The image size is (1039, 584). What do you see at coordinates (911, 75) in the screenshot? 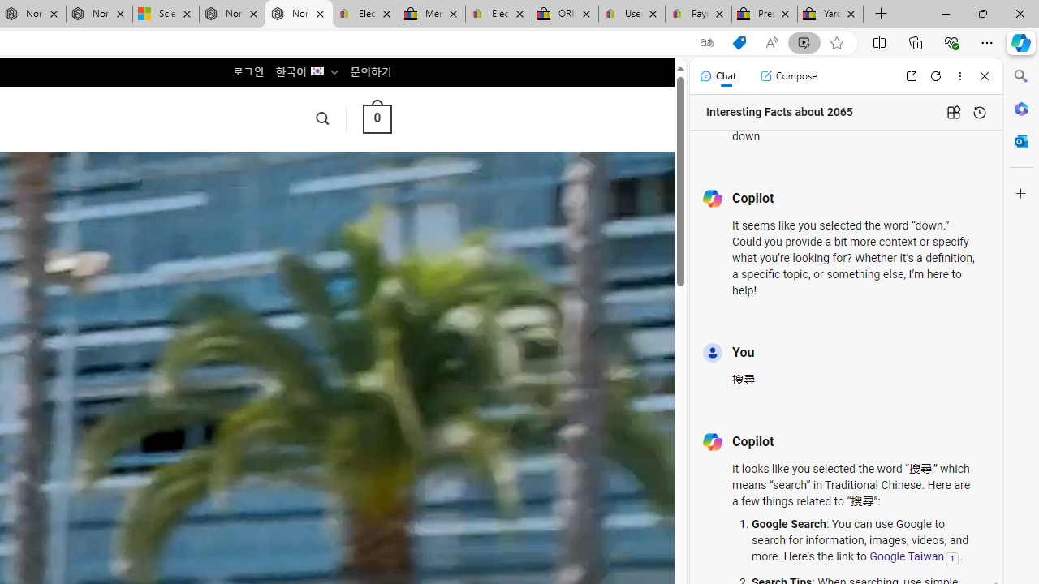
I see `'Open link in new tab'` at bounding box center [911, 75].